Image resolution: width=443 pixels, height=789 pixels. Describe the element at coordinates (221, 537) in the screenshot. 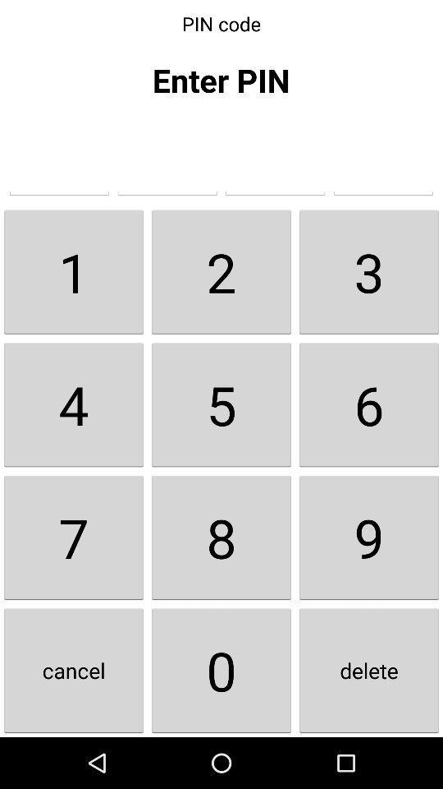

I see `the item below the 4 button` at that location.